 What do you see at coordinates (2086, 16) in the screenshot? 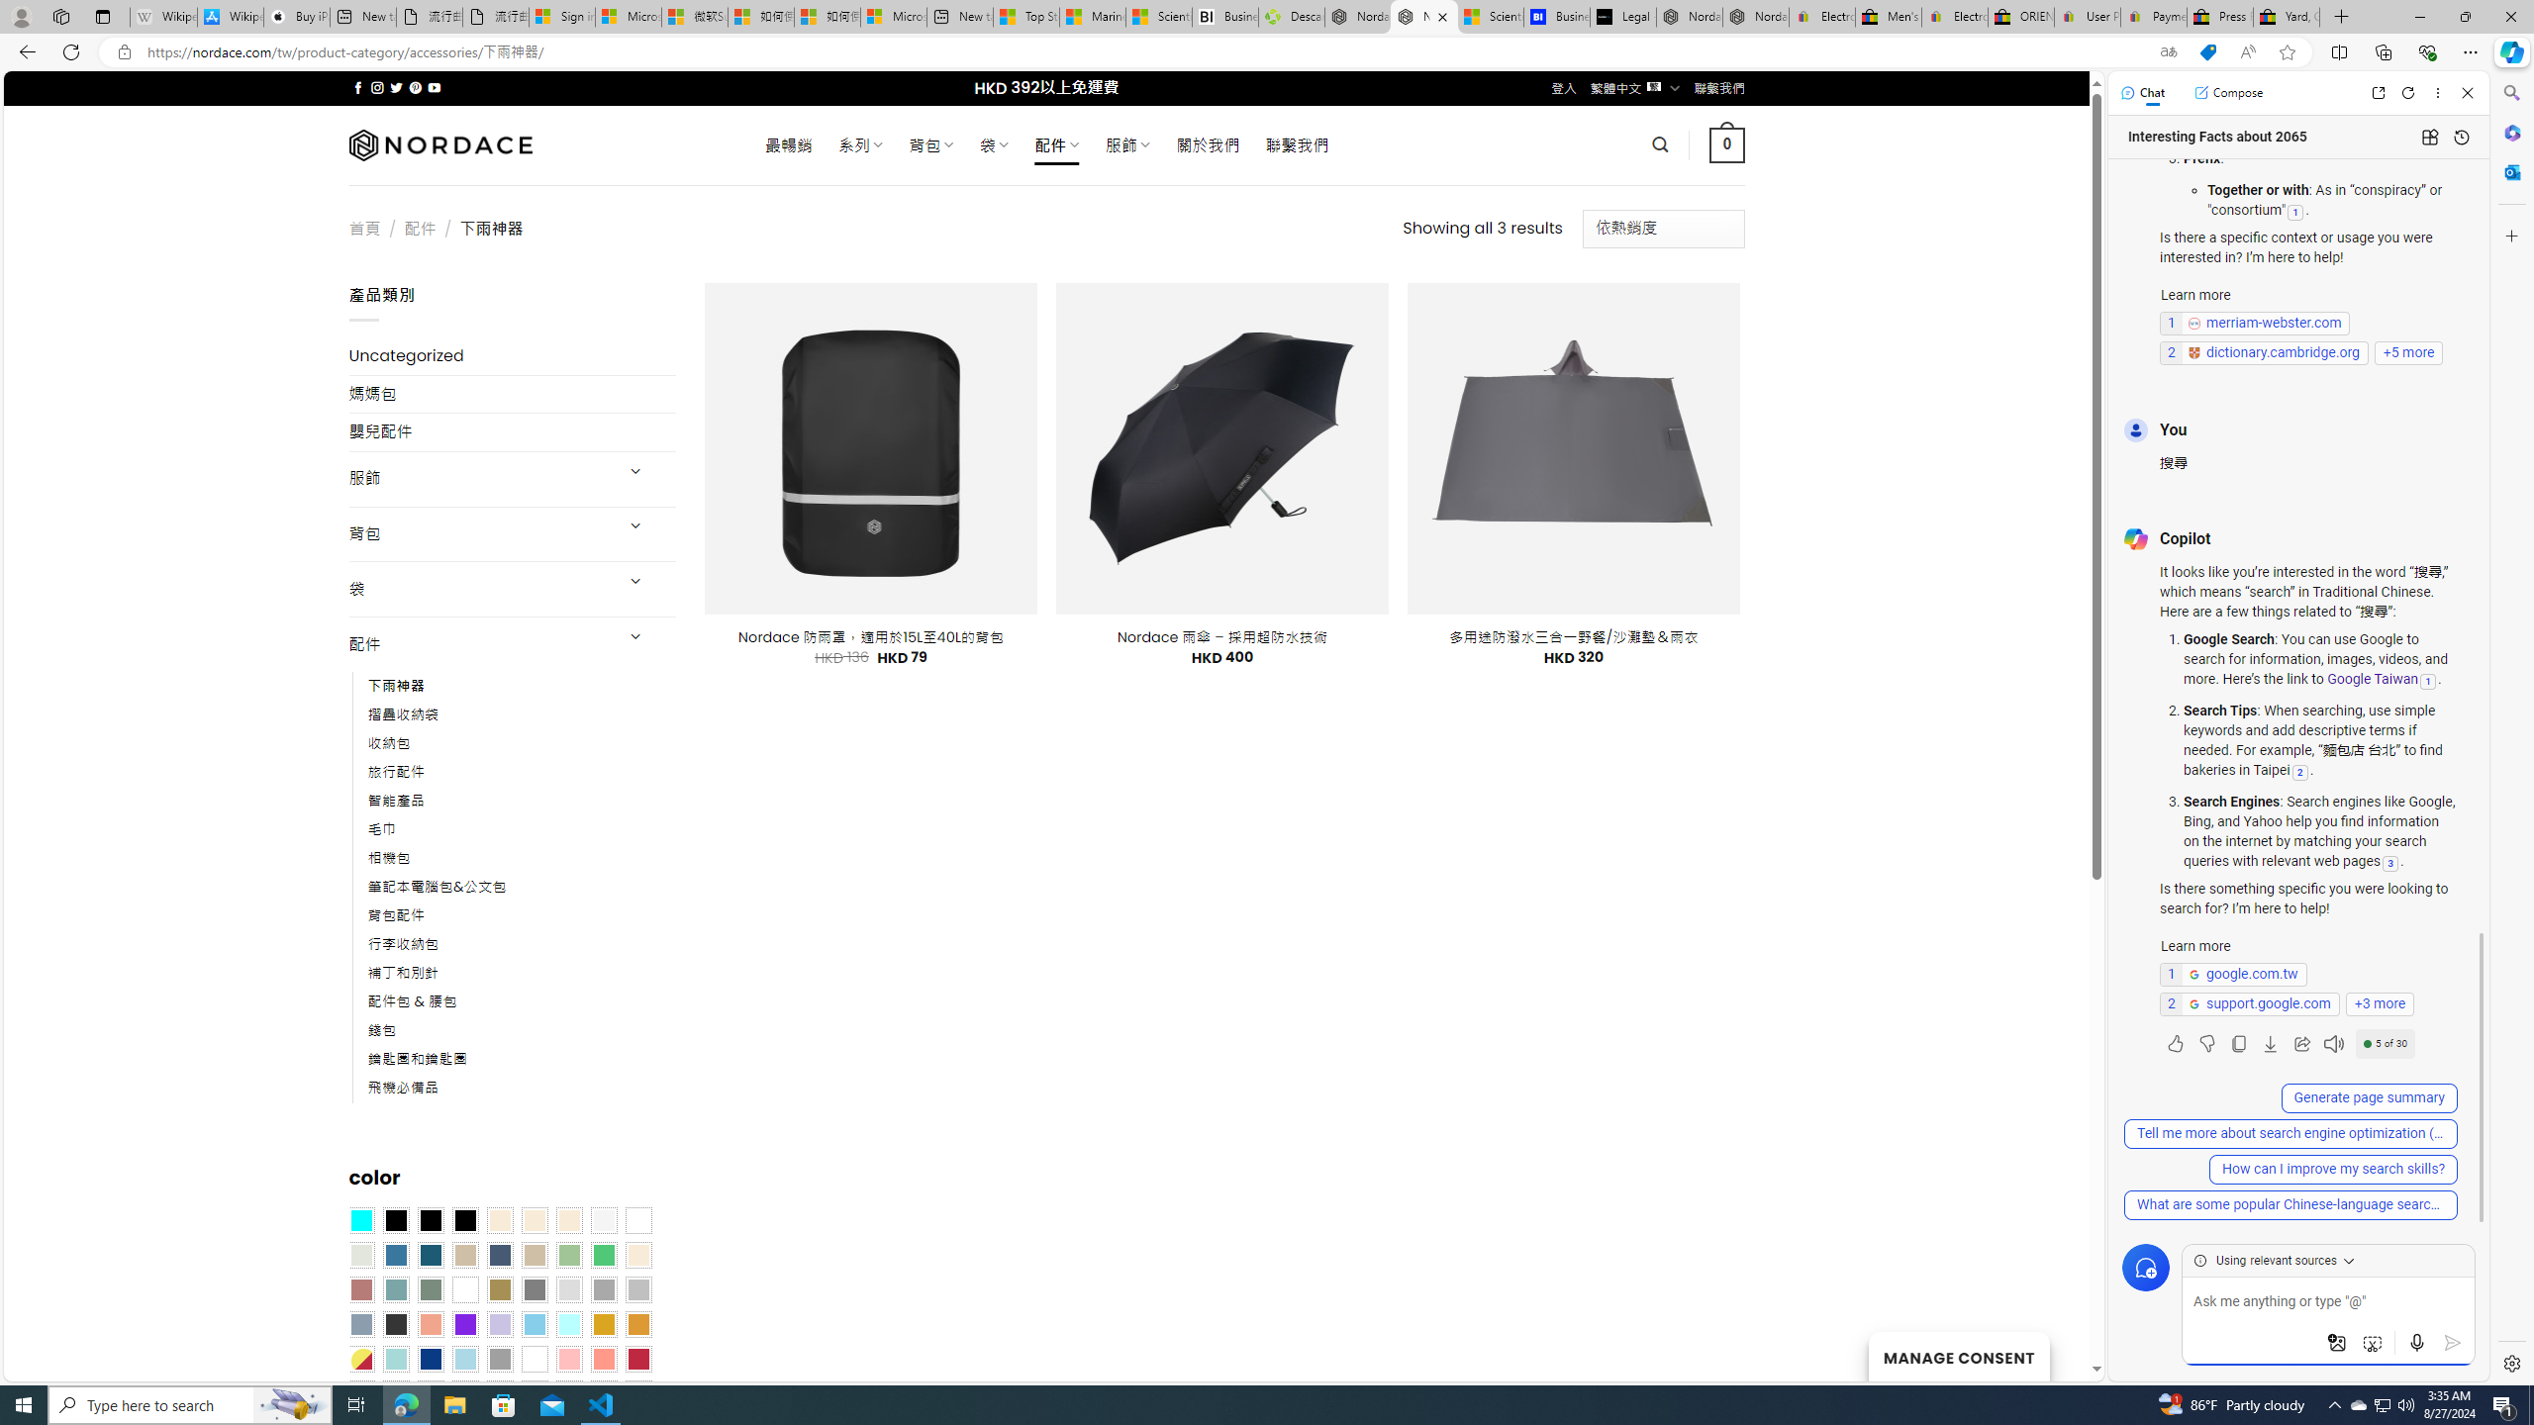
I see `'User Privacy Notice | eBay'` at bounding box center [2086, 16].